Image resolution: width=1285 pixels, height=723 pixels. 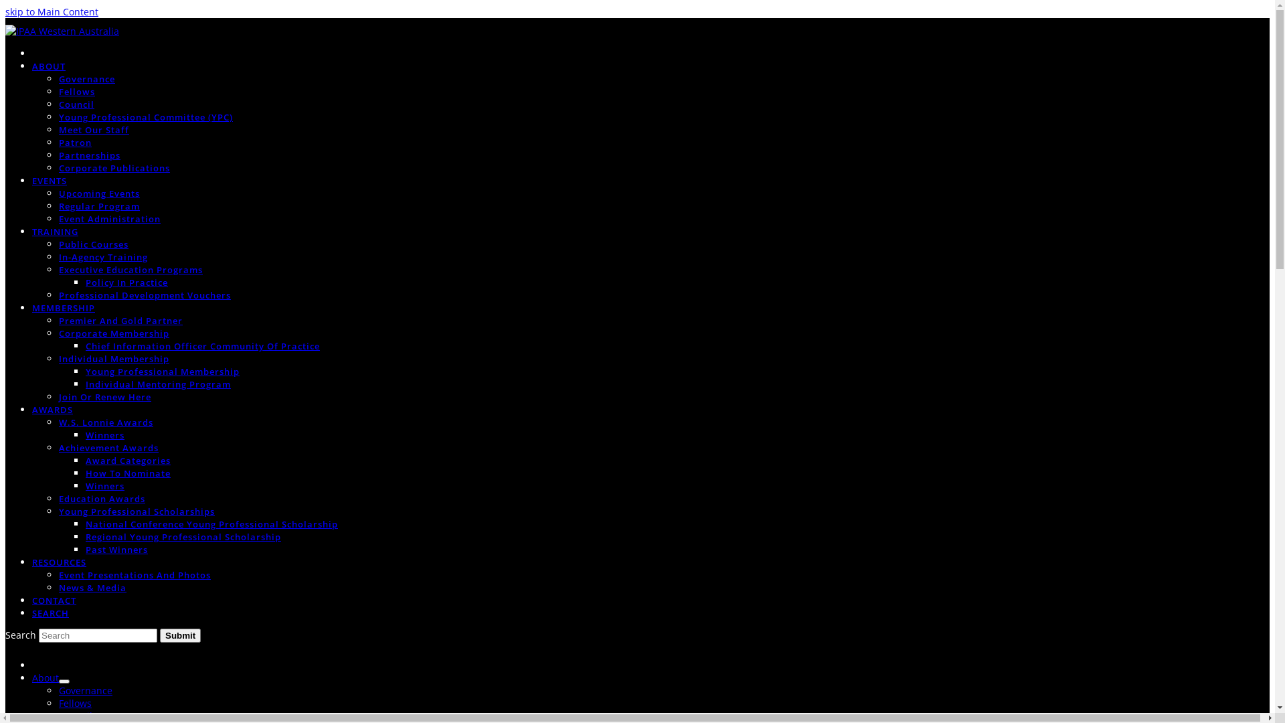 I want to click on 'In-Agency Training', so click(x=102, y=256).